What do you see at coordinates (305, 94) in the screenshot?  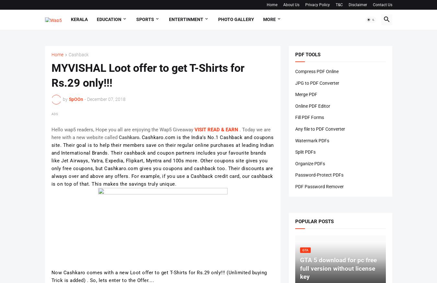 I see `'Merge PDF'` at bounding box center [305, 94].